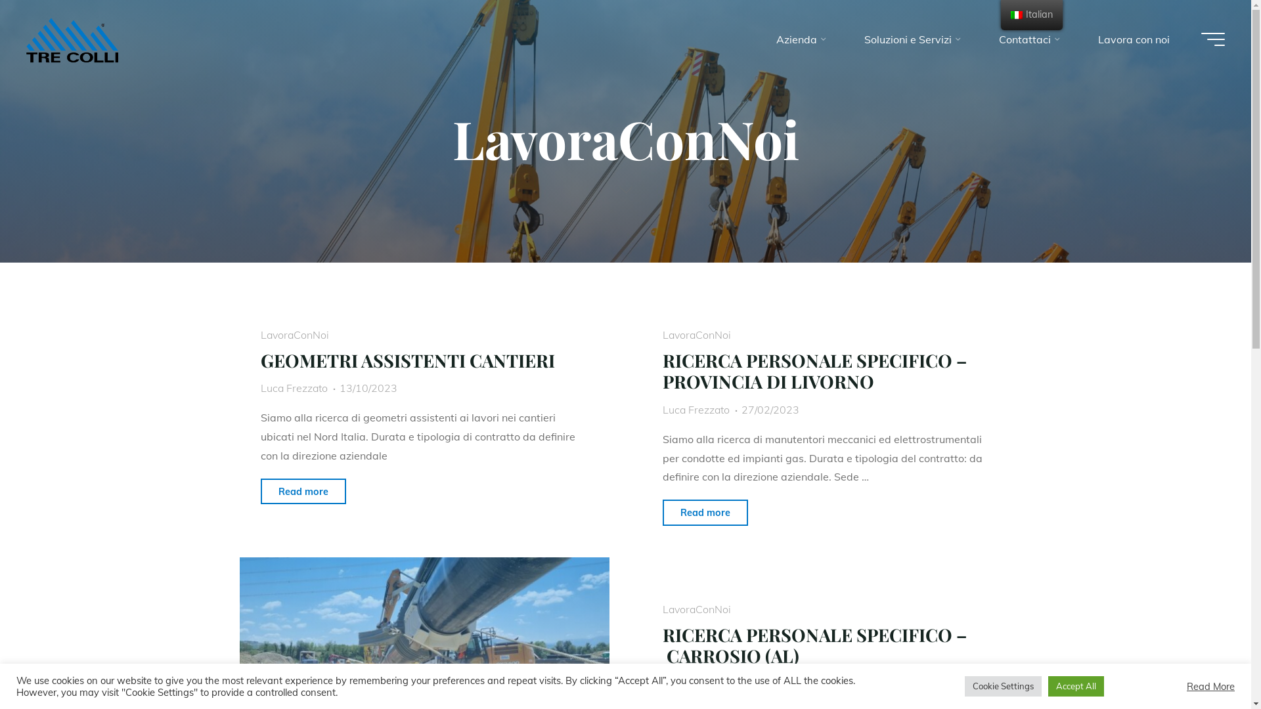  I want to click on 'Contattaci', so click(1027, 39).